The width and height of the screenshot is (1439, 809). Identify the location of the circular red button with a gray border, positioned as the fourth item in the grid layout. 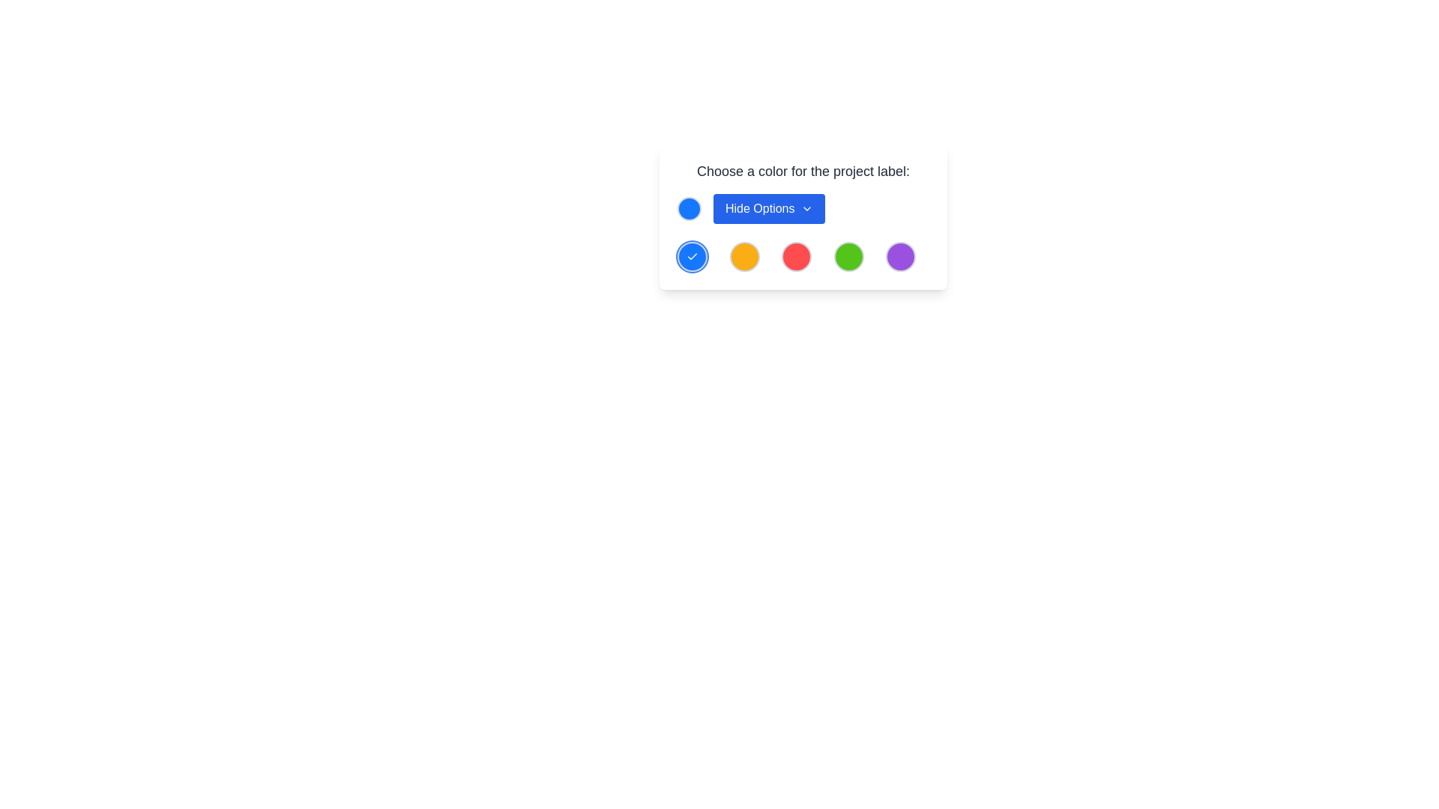
(796, 256).